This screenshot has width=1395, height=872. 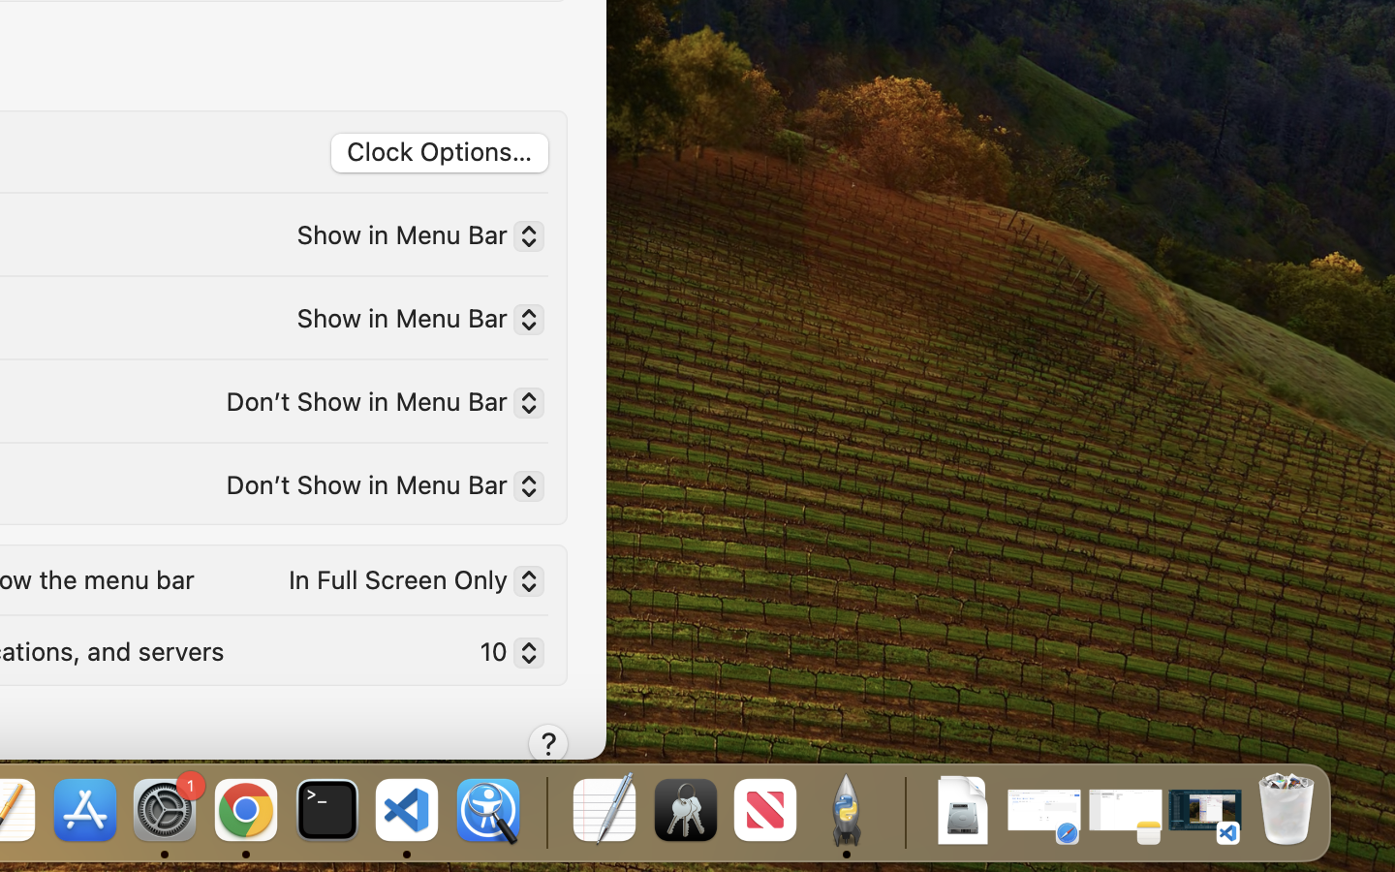 What do you see at coordinates (412, 237) in the screenshot?
I see `'Show in Menu Bar'` at bounding box center [412, 237].